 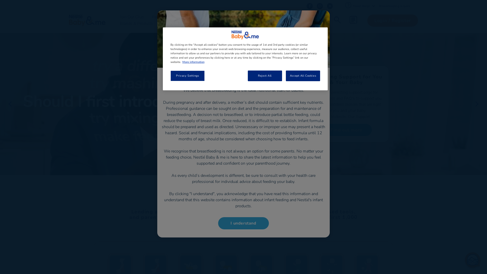 What do you see at coordinates (10, 104) in the screenshot?
I see `'Previous'` at bounding box center [10, 104].